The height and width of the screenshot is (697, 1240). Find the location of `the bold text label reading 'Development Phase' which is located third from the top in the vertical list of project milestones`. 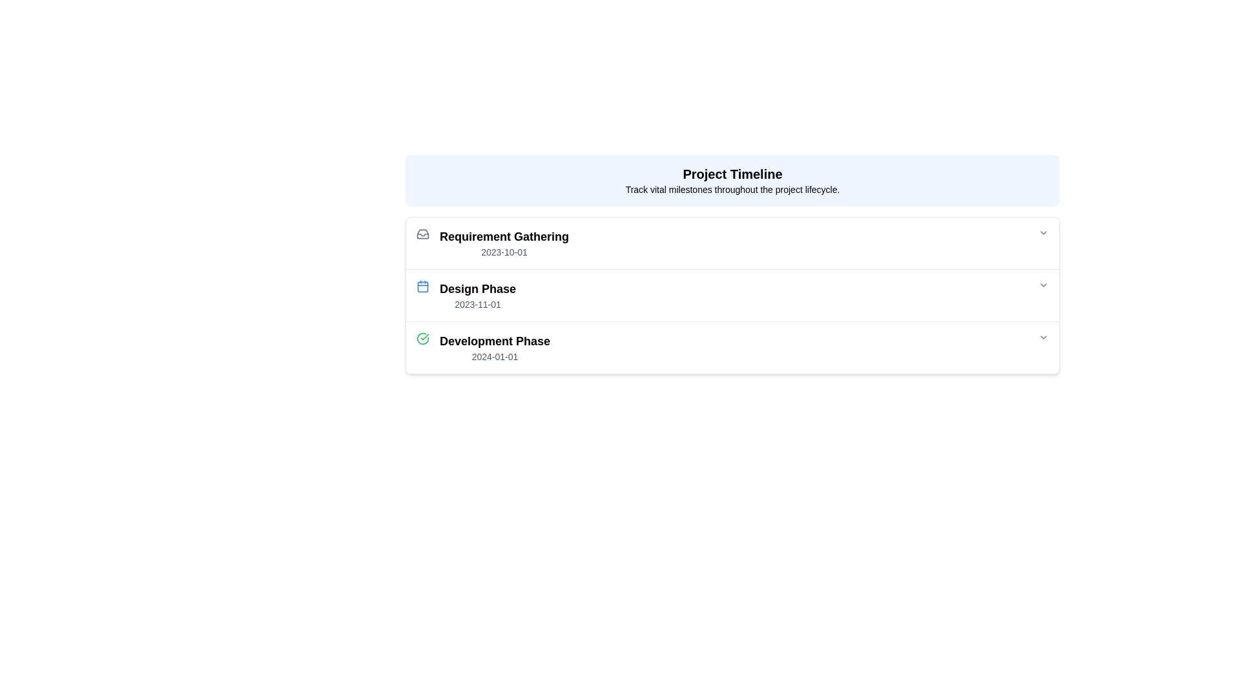

the bold text label reading 'Development Phase' which is located third from the top in the vertical list of project milestones is located at coordinates (494, 340).